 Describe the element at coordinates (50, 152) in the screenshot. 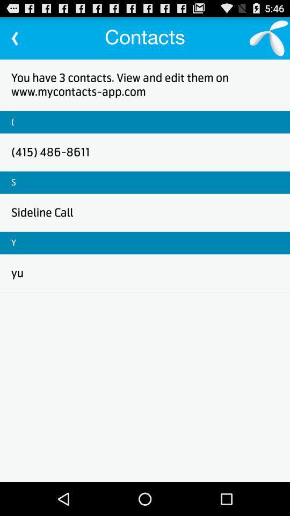

I see `the icon below the (` at that location.